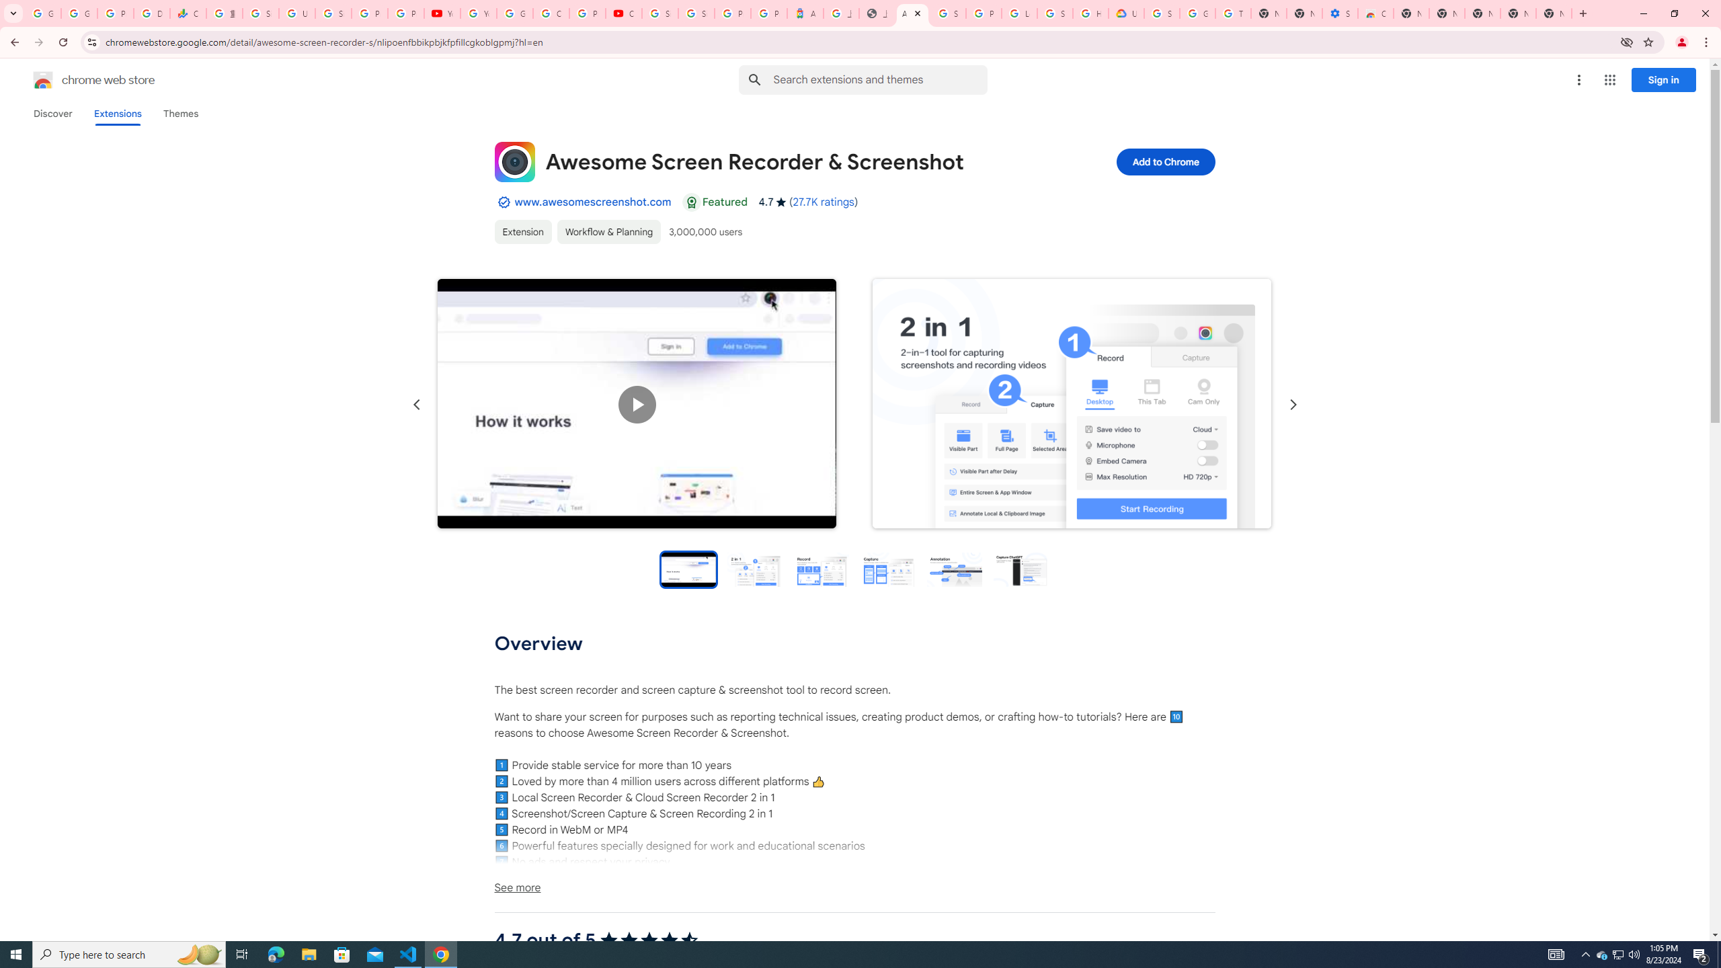  What do you see at coordinates (52, 113) in the screenshot?
I see `'Discover'` at bounding box center [52, 113].